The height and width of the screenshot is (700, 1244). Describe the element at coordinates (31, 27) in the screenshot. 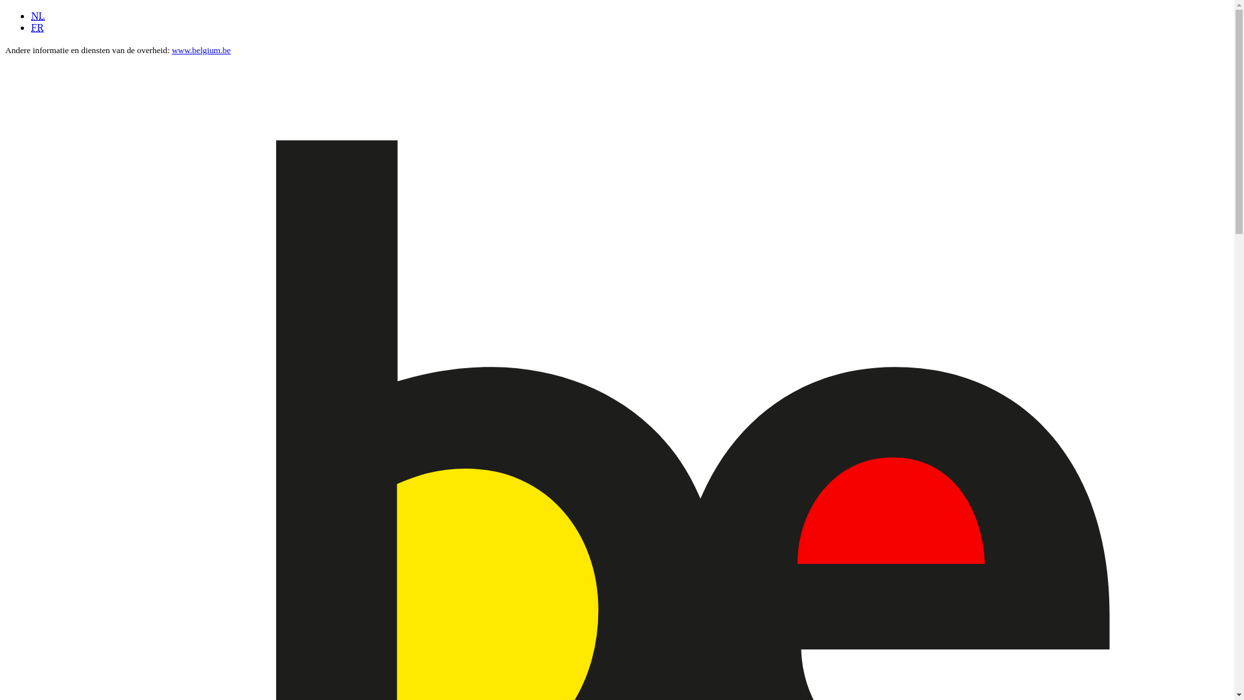

I see `'FR'` at that location.